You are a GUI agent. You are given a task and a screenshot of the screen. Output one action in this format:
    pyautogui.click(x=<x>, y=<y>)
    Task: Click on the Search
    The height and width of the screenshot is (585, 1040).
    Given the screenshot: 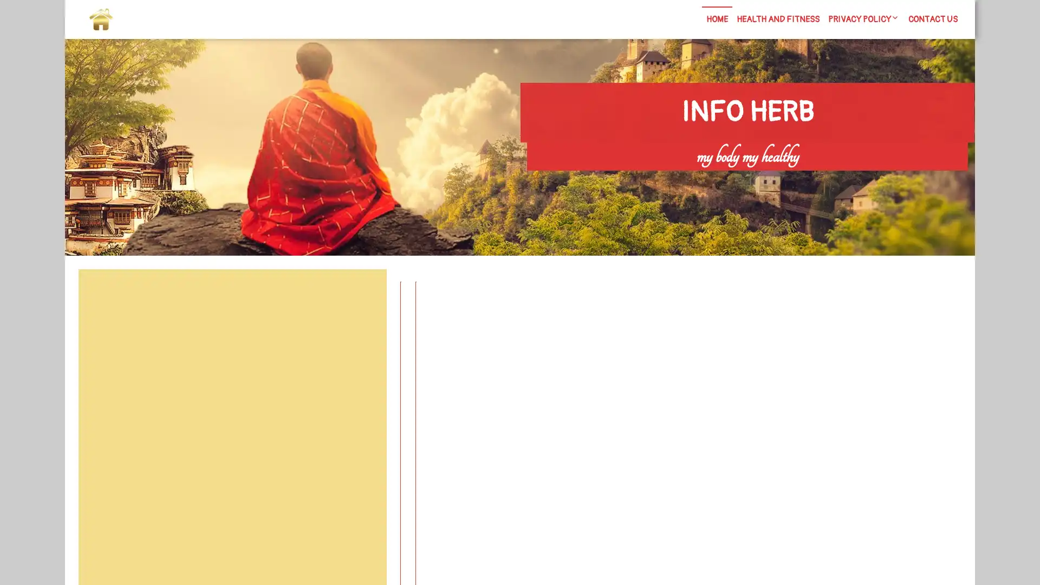 What is the action you would take?
    pyautogui.click(x=361, y=295)
    